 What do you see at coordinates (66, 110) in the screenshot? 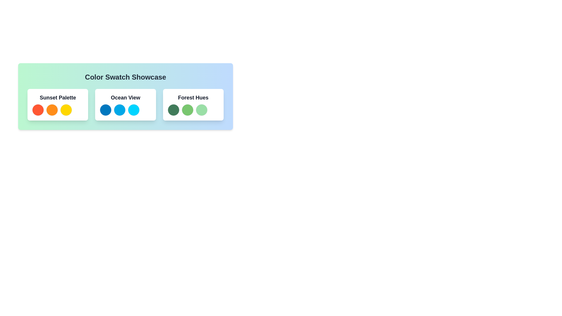
I see `the yellow color swatch, which is the third circle in the row of three circles in the 'Sunset Palette' section` at bounding box center [66, 110].